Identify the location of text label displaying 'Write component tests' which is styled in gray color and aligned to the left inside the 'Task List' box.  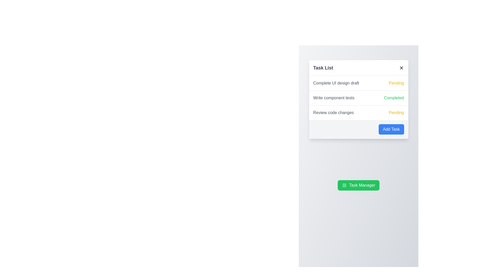
(334, 98).